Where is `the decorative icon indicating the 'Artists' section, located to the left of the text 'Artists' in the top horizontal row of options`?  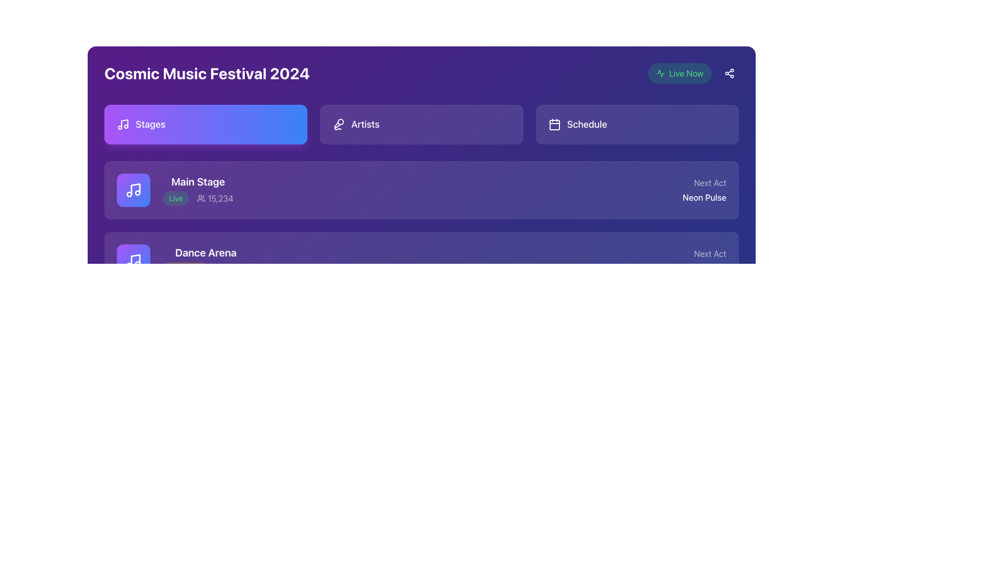
the decorative icon indicating the 'Artists' section, located to the left of the text 'Artists' in the top horizontal row of options is located at coordinates (339, 124).